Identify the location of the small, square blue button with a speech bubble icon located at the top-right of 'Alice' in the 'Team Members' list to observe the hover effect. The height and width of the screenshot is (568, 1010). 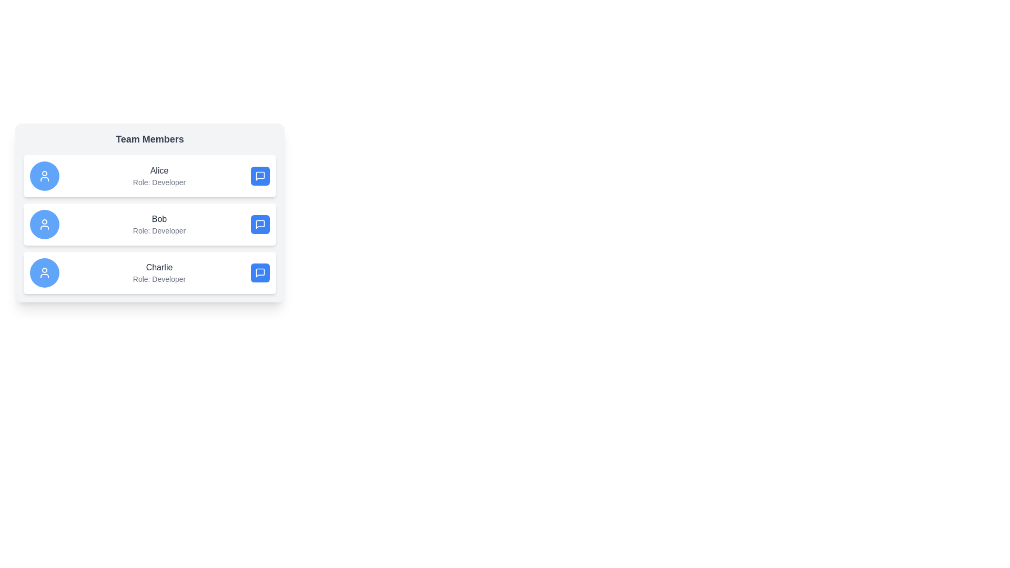
(260, 176).